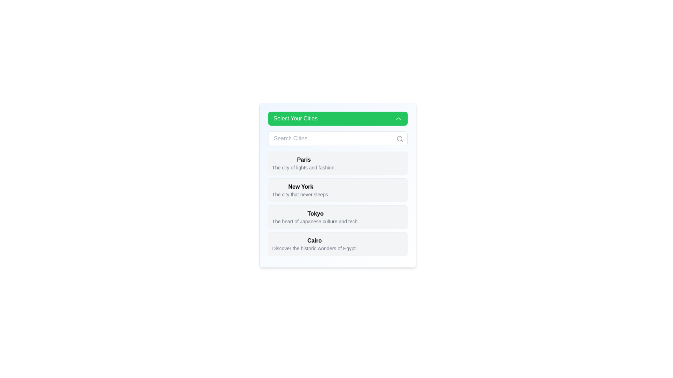 Image resolution: width=673 pixels, height=378 pixels. I want to click on the second item in the list of cities, which is positioned between 'Paris' and 'Tokyo', so click(338, 190).